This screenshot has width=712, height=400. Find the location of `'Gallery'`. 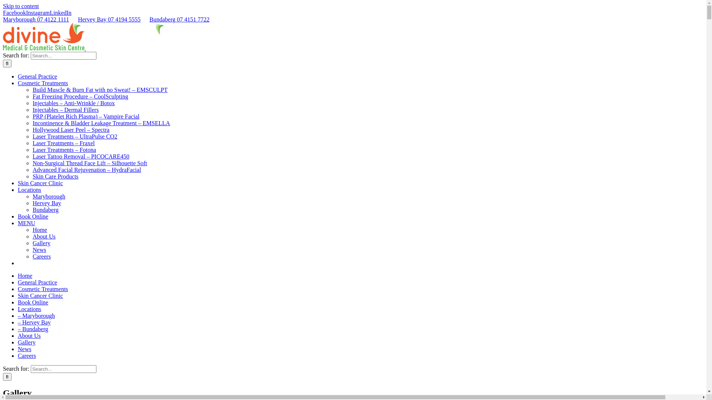

'Gallery' is located at coordinates (27, 342).